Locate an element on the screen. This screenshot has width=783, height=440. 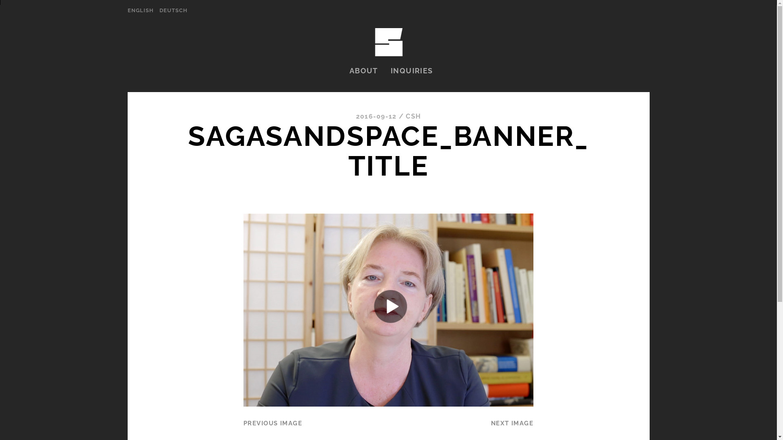
'INQUIRIES' is located at coordinates (411, 70).